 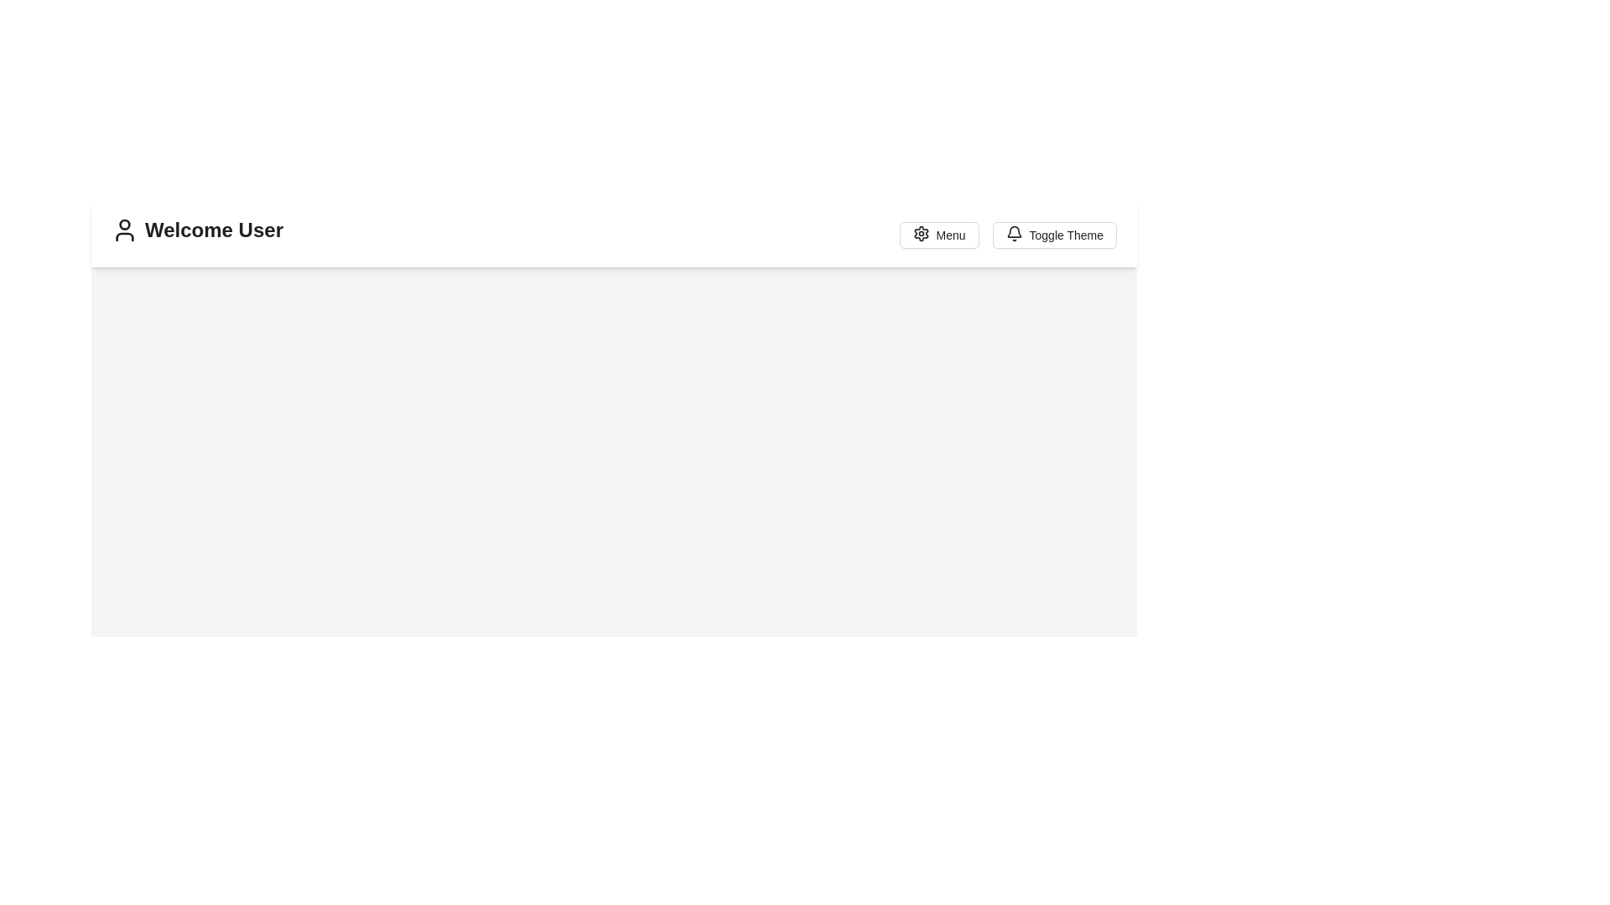 I want to click on the icon button located in the button group on the right side of the top navigation bar, which is adjacent to the 'Menu' button, so click(x=920, y=233).